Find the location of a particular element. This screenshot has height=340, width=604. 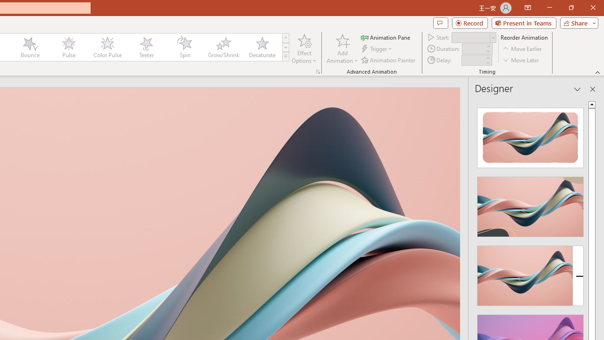

'Present in Teams' is located at coordinates (523, 22).